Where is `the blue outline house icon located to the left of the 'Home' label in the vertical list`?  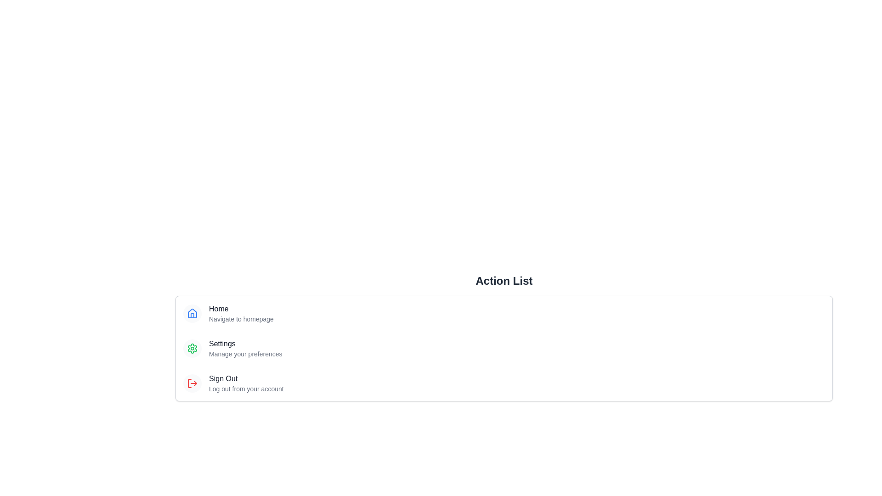 the blue outline house icon located to the left of the 'Home' label in the vertical list is located at coordinates (192, 313).